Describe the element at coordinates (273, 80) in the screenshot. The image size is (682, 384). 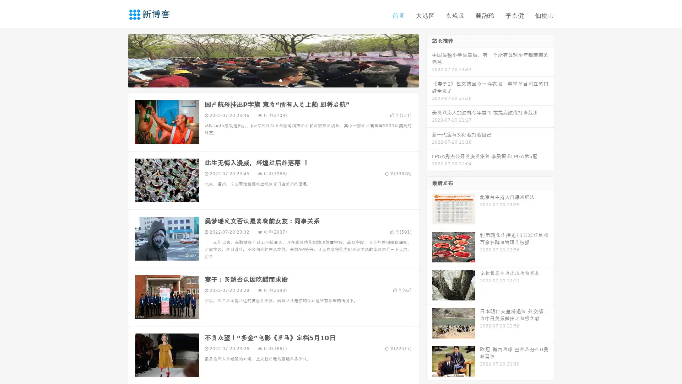
I see `Go to slide 2` at that location.